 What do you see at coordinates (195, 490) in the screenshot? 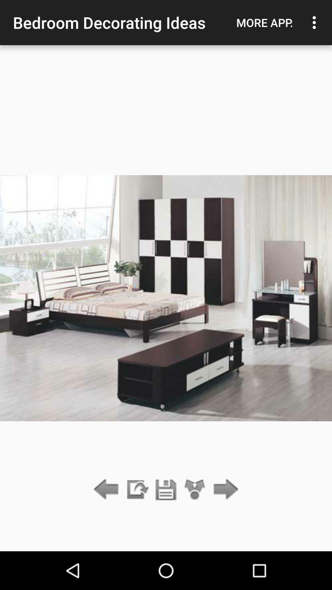
I see `the share icon` at bounding box center [195, 490].